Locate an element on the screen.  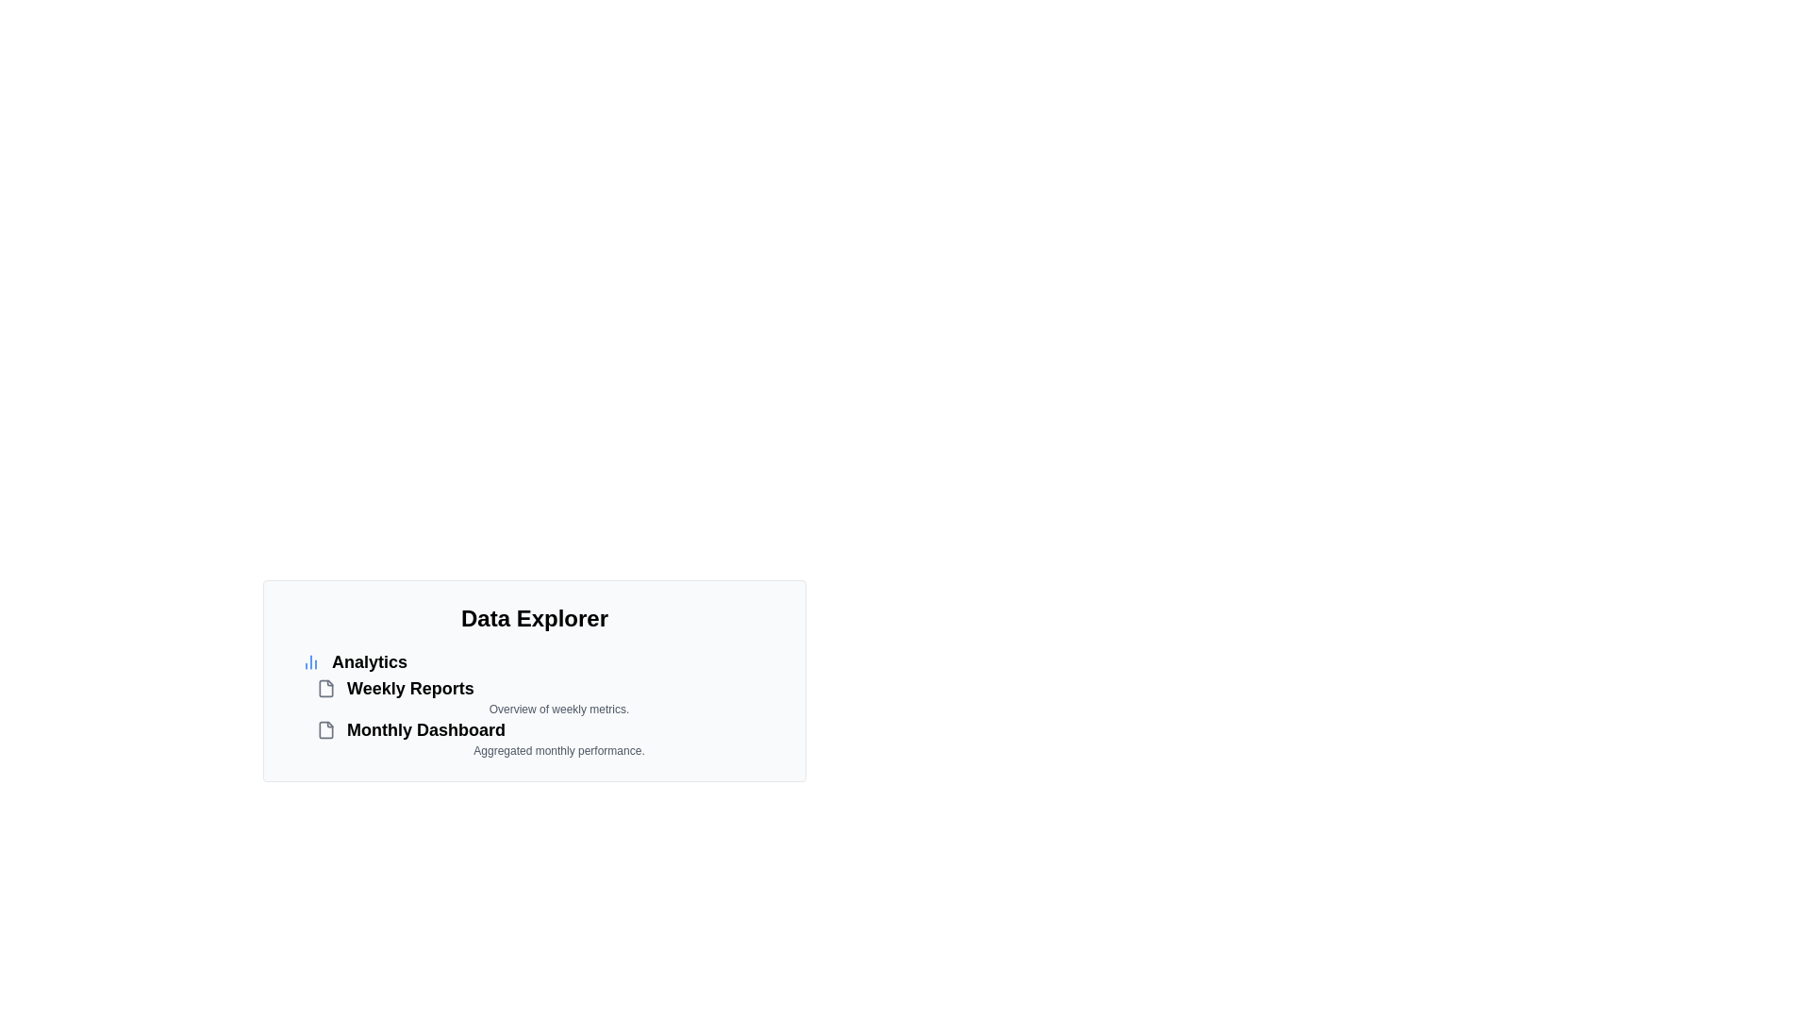
the document icon located to the left of the 'Weekly Reports' text label in the 'Data Explorer' section is located at coordinates (325, 688).